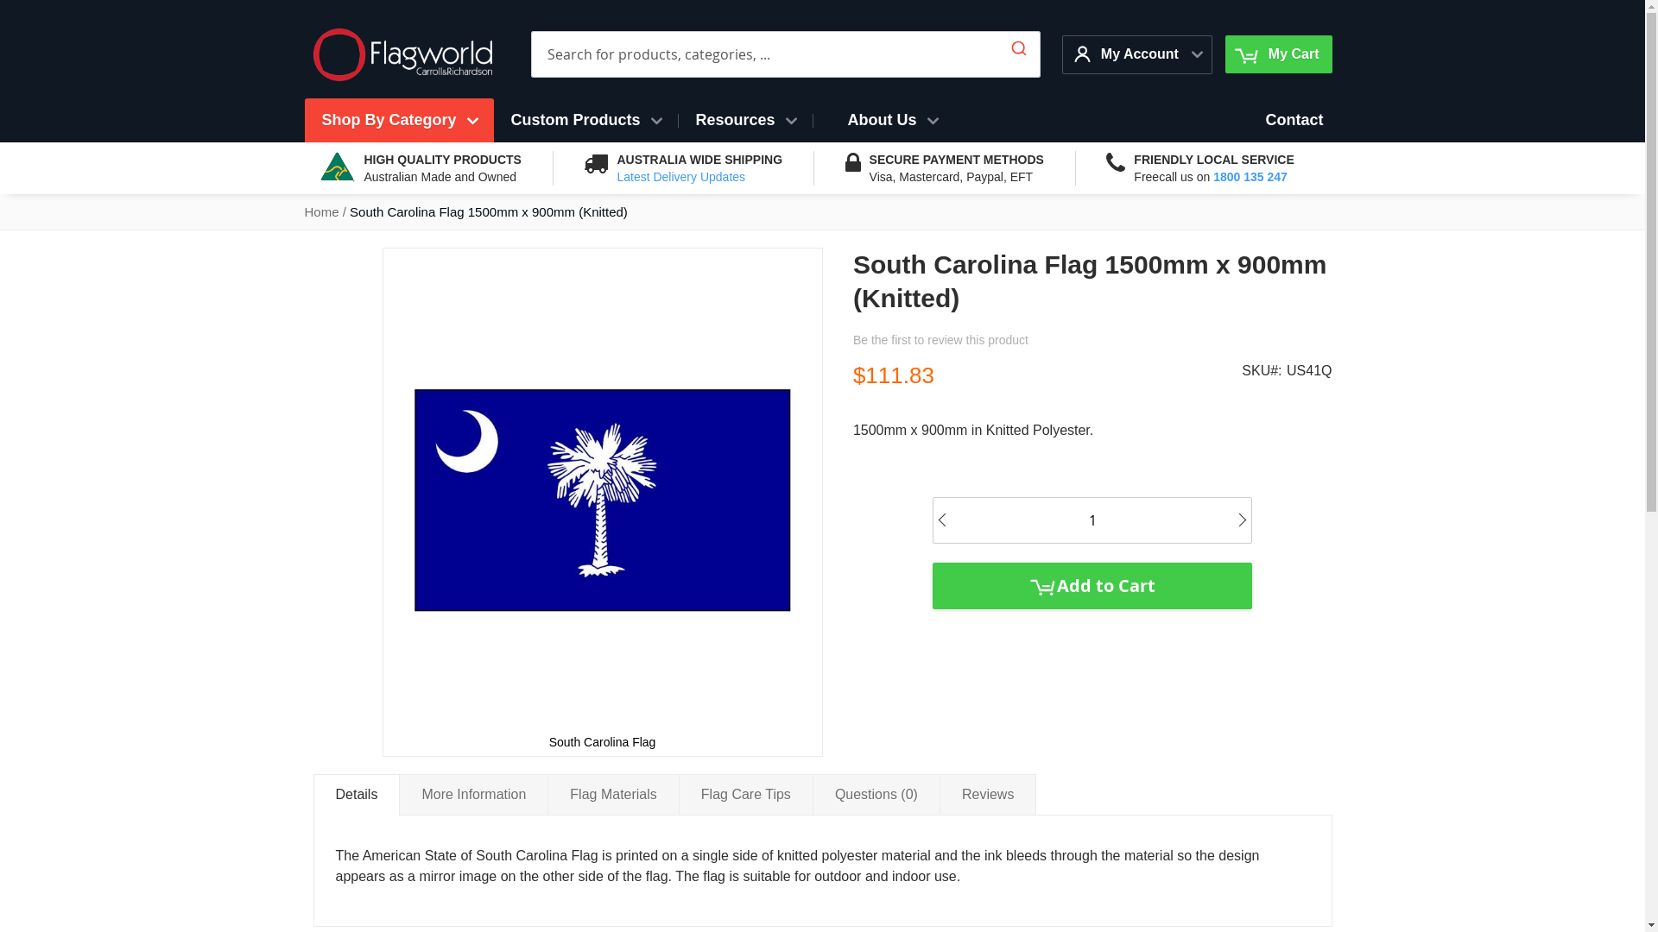 Image resolution: width=1658 pixels, height=932 pixels. Describe the element at coordinates (876, 794) in the screenshot. I see `'Questions (0)'` at that location.